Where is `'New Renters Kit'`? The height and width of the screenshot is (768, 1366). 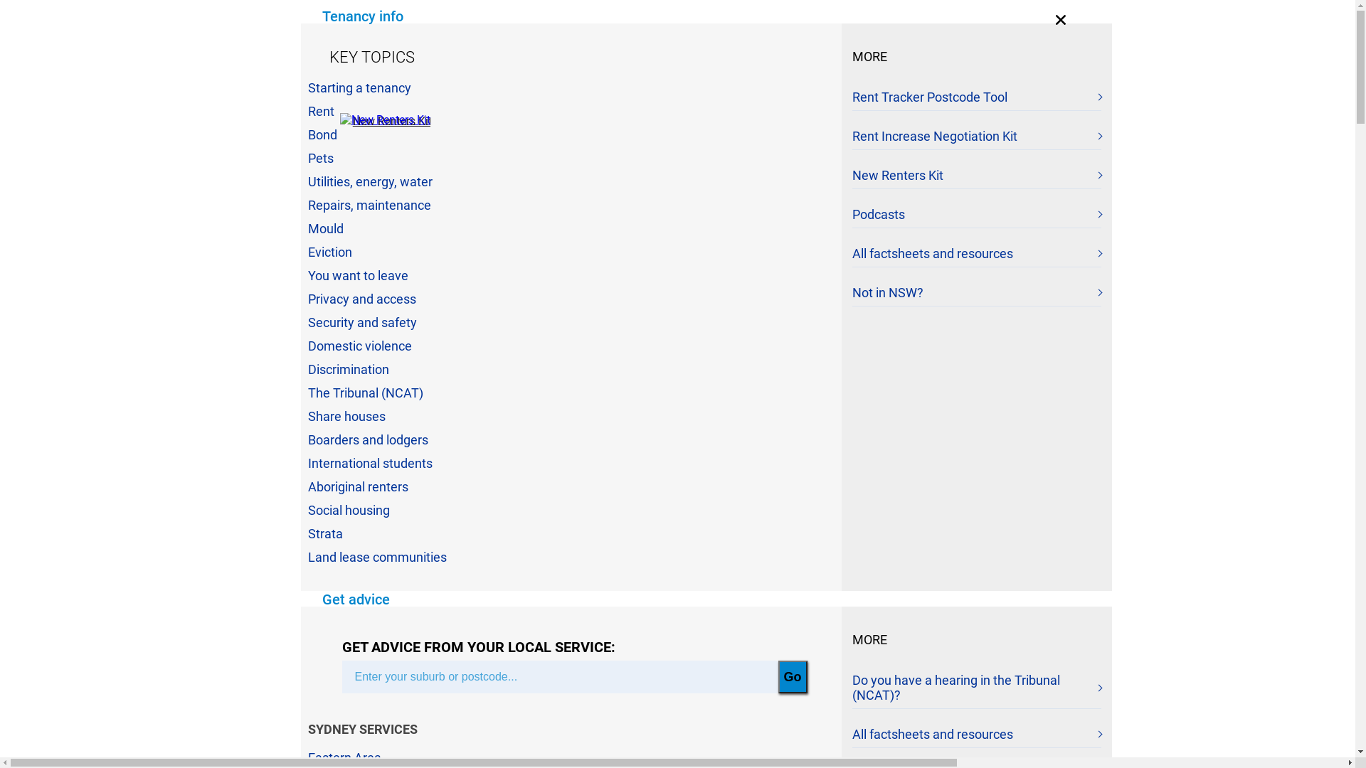
'New Renters Kit' is located at coordinates (975, 177).